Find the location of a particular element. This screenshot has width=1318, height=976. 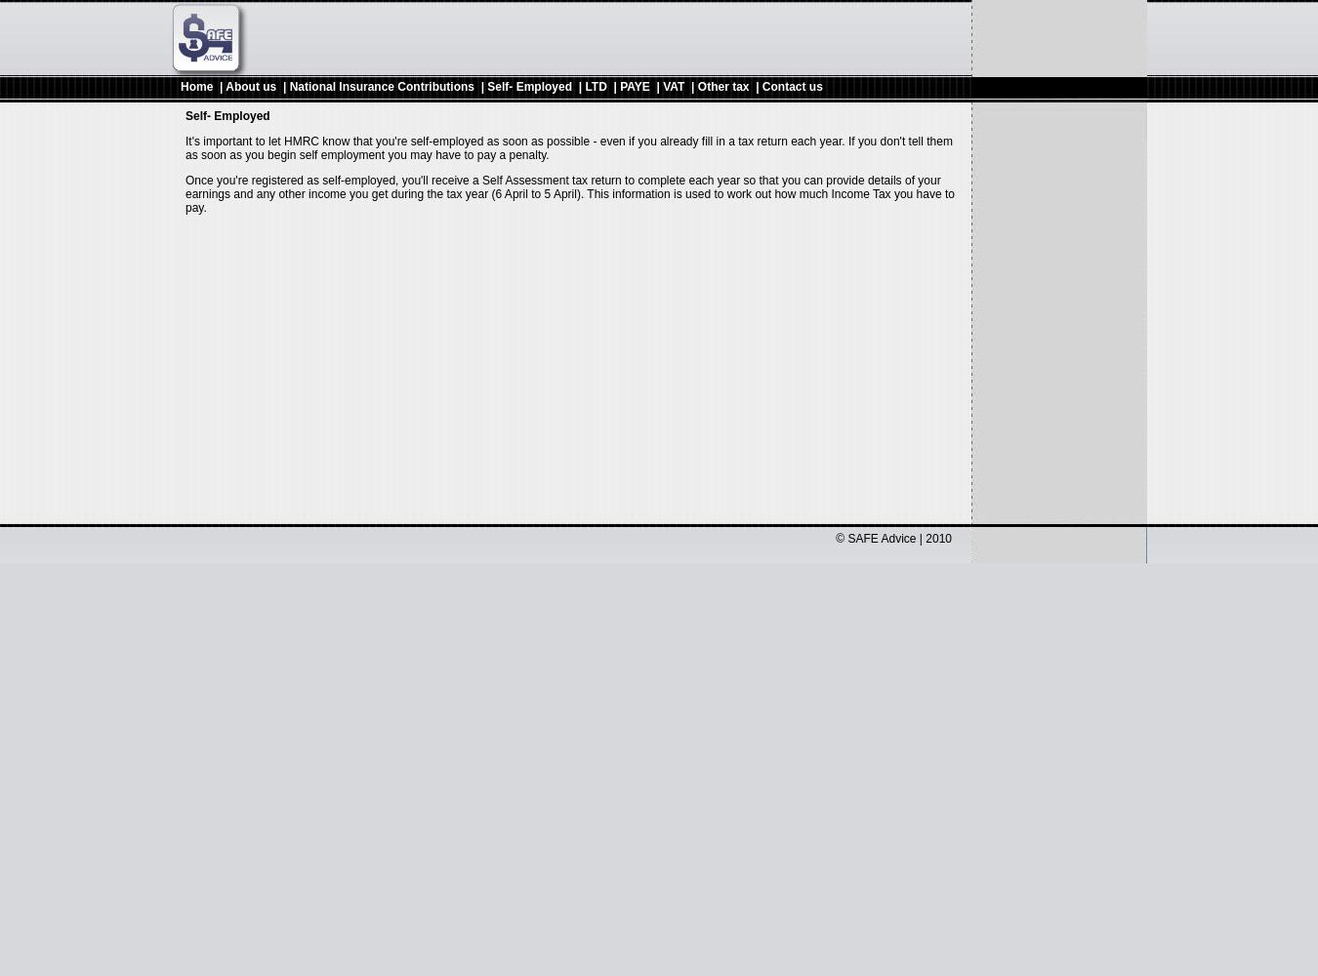

'Once you're registered as self-employed, you'll receive a Self Assessment tax return to complete each year so that you can provide details of your earnings and any other income you get during the tax year (6 April to 5 April). This information is used to work out how much Income Tax you have to pay.' is located at coordinates (569, 193).